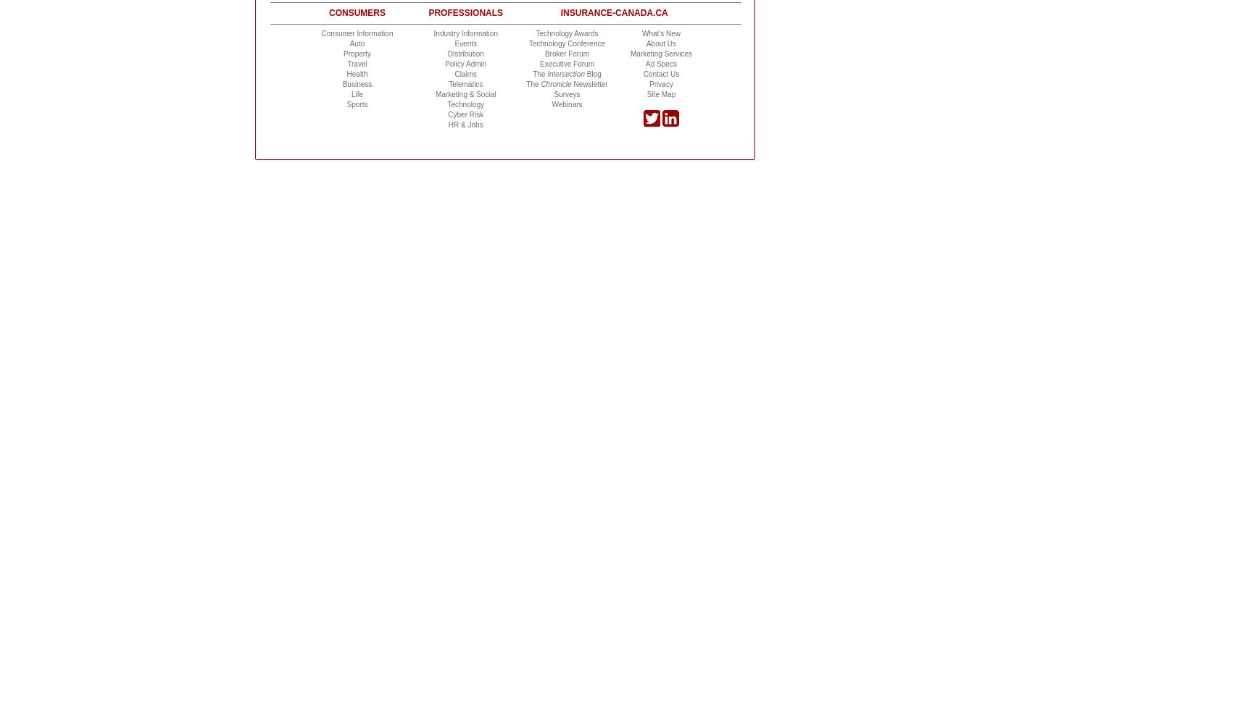 Image resolution: width=1235 pixels, height=724 pixels. I want to click on 'Consumers', so click(357, 13).